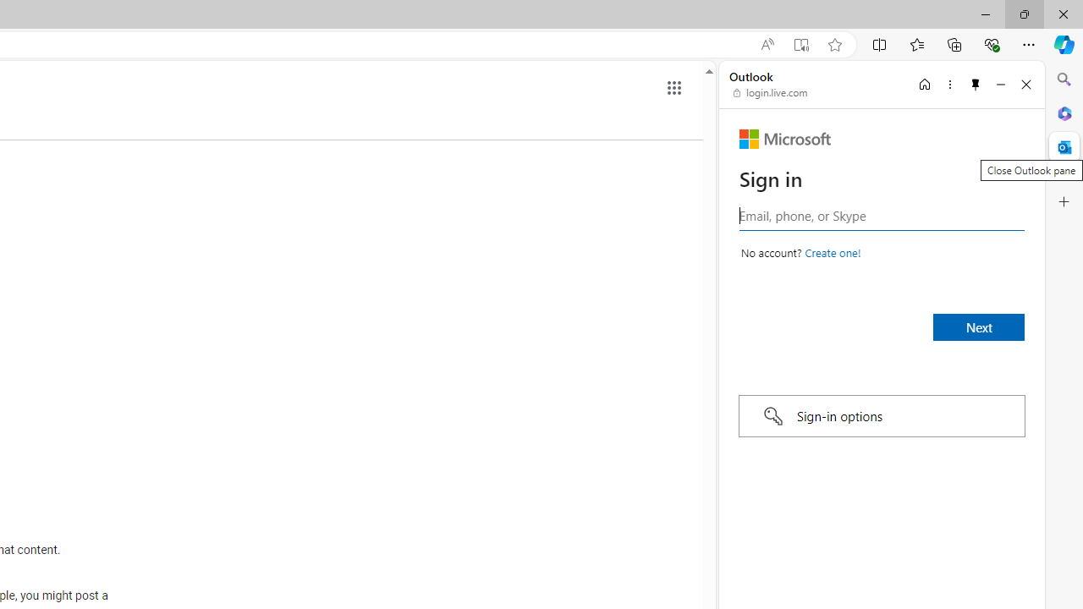 Image resolution: width=1083 pixels, height=609 pixels. Describe the element at coordinates (881, 416) in the screenshot. I see `'Sign-in options'` at that location.